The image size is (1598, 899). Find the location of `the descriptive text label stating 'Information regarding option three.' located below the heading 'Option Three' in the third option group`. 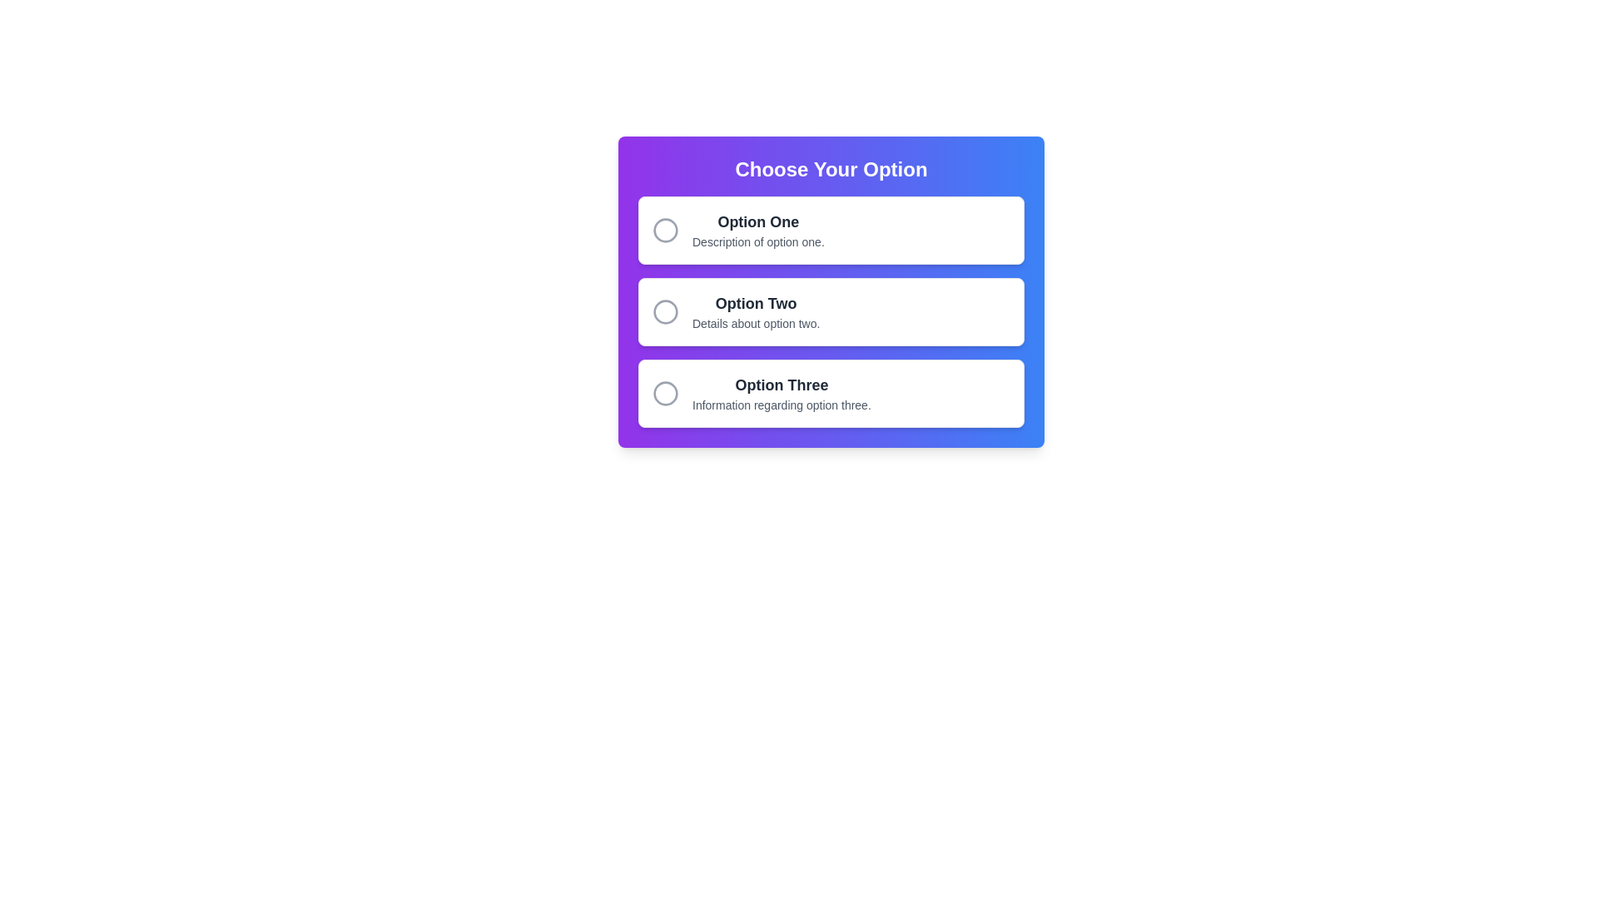

the descriptive text label stating 'Information regarding option three.' located below the heading 'Option Three' in the third option group is located at coordinates (781, 405).